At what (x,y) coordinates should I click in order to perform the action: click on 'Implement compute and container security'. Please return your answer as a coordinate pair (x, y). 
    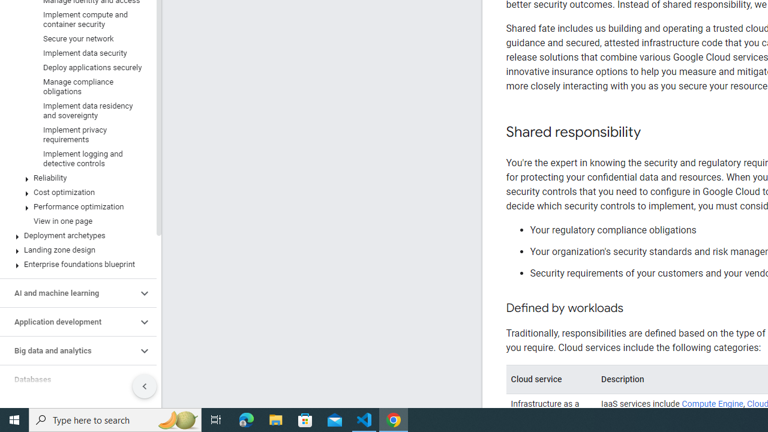
    Looking at the image, I should click on (75, 20).